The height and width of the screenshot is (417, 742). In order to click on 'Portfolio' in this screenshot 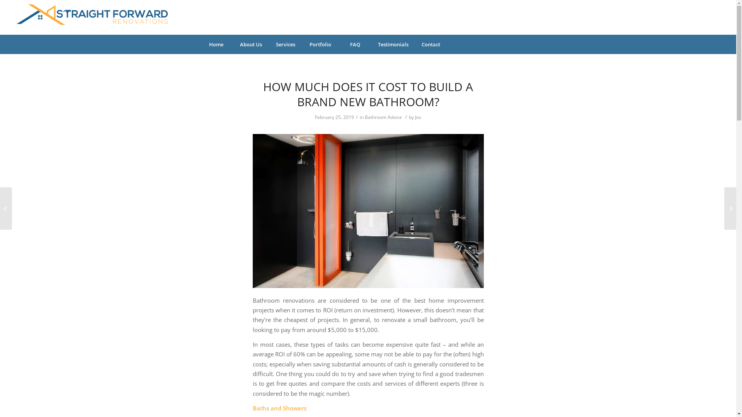, I will do `click(320, 44)`.